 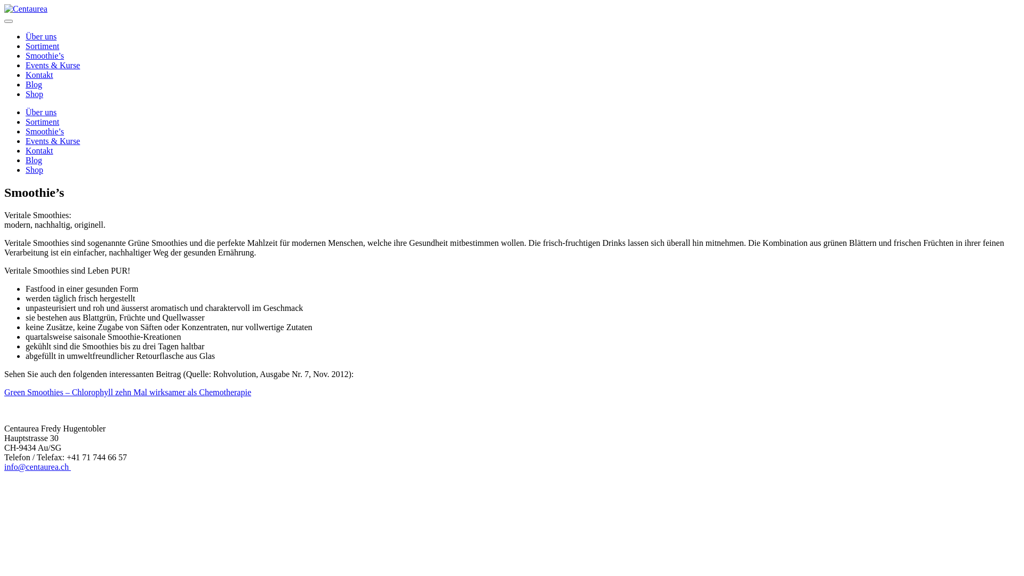 What do you see at coordinates (34, 169) in the screenshot?
I see `'Shop'` at bounding box center [34, 169].